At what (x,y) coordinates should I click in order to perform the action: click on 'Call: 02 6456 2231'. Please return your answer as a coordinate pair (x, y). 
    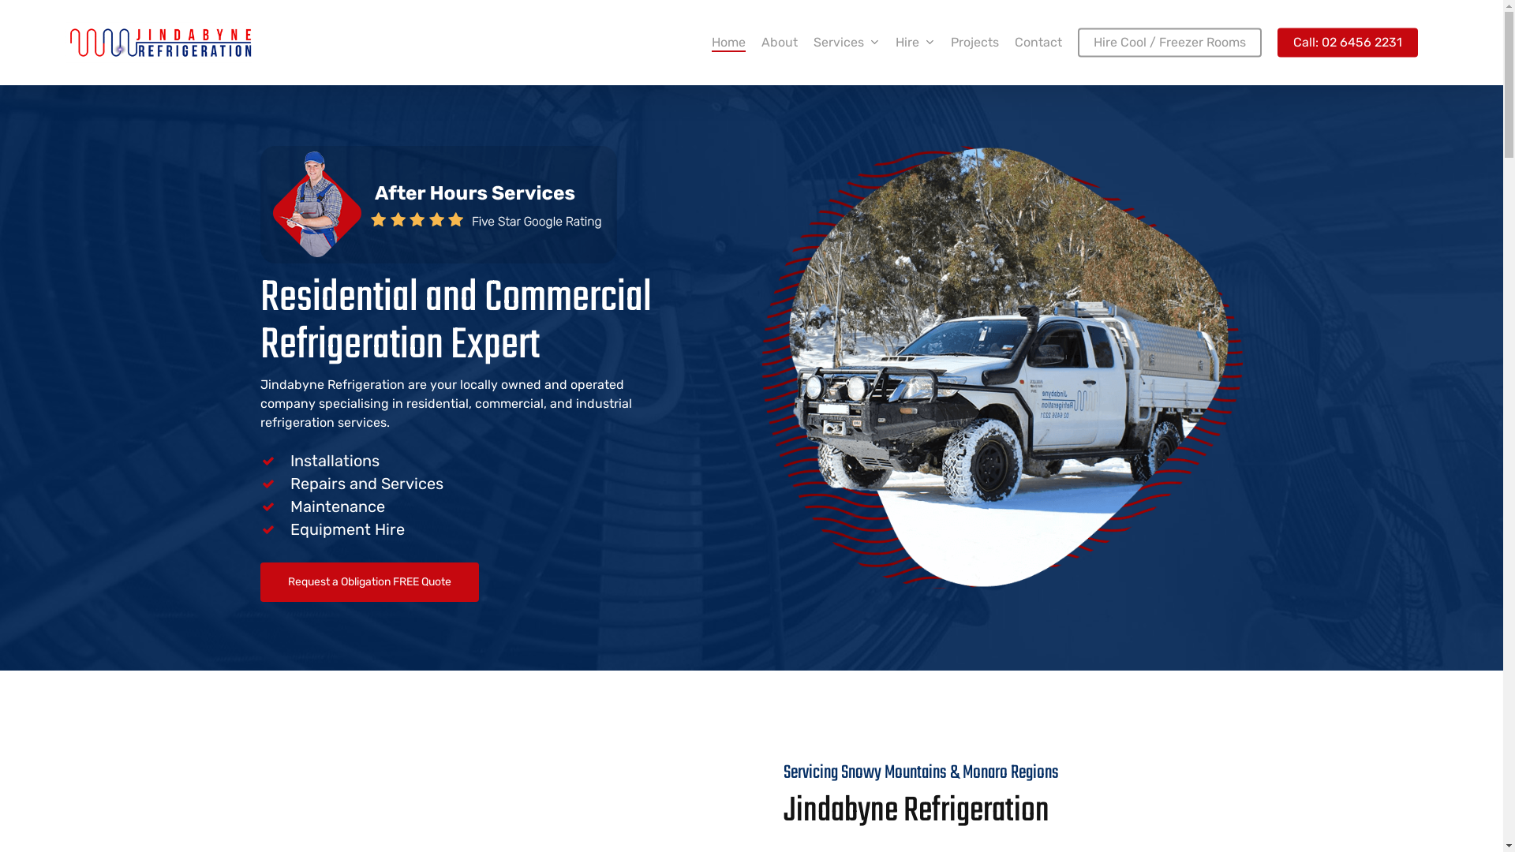
    Looking at the image, I should click on (1347, 42).